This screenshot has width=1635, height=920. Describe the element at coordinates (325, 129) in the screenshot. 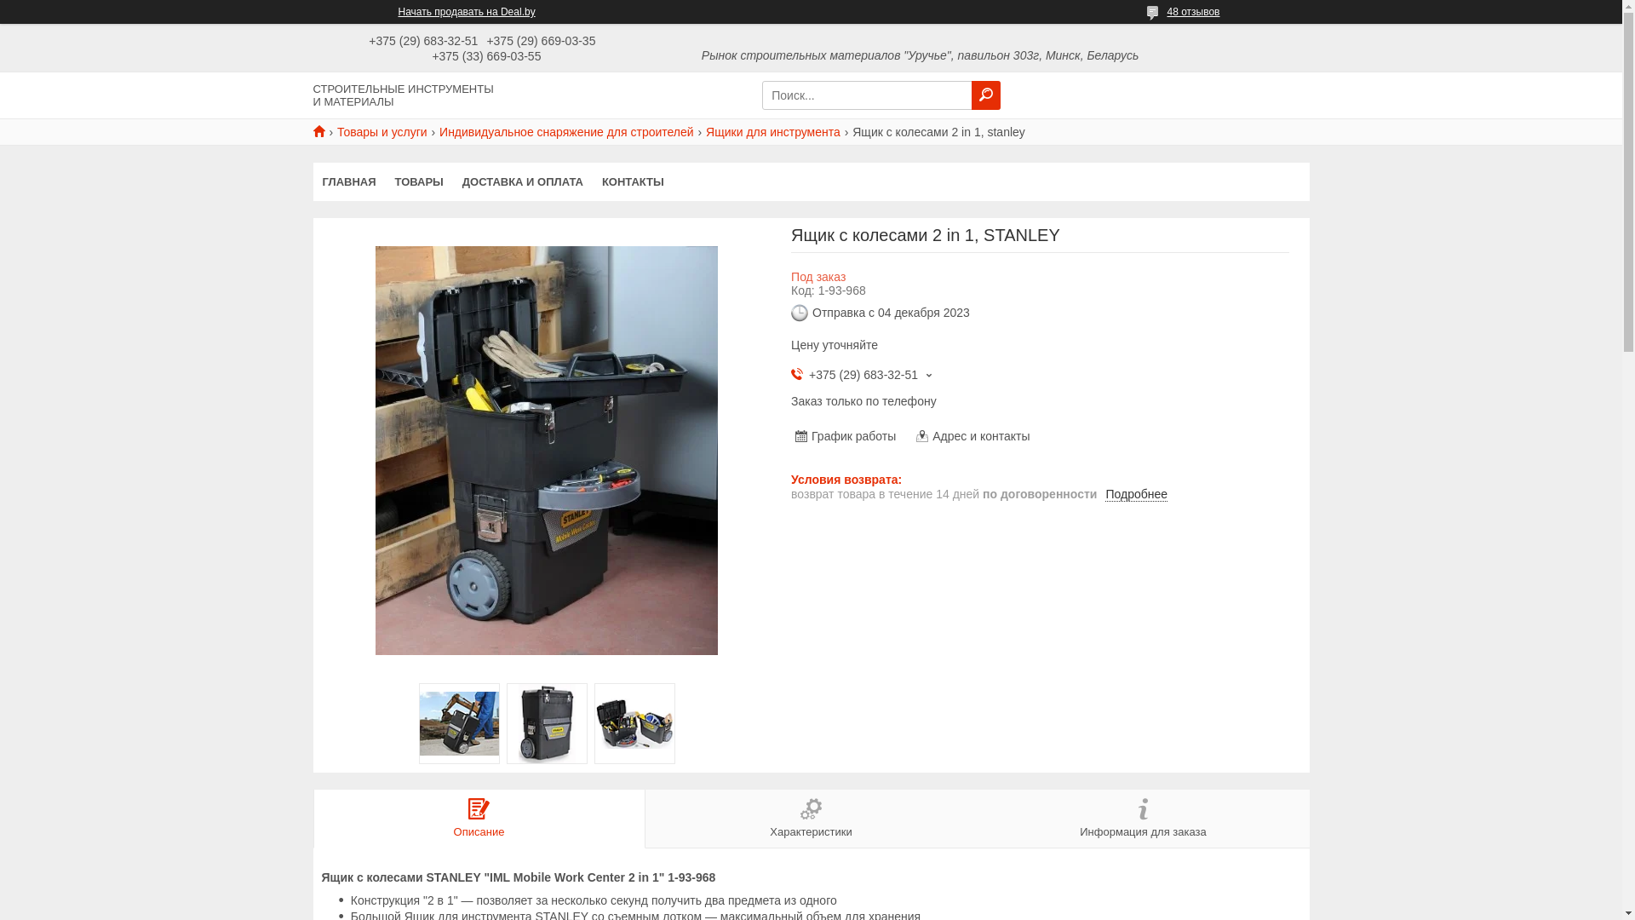

I see `'Stroimhatu.by'` at that location.